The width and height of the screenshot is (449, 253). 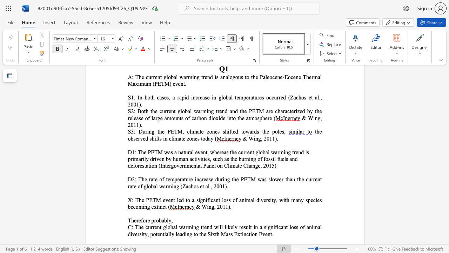 I want to click on the subset text "ikel" within the text "likely result", so click(x=226, y=227).